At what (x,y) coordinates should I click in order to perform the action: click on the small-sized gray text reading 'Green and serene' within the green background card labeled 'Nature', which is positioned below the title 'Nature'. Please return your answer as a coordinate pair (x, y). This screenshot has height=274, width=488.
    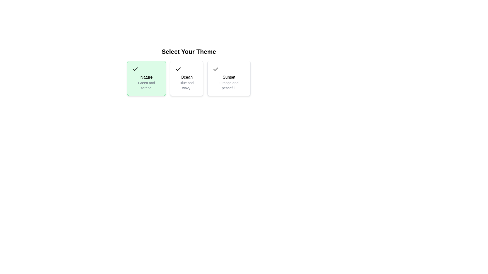
    Looking at the image, I should click on (146, 85).